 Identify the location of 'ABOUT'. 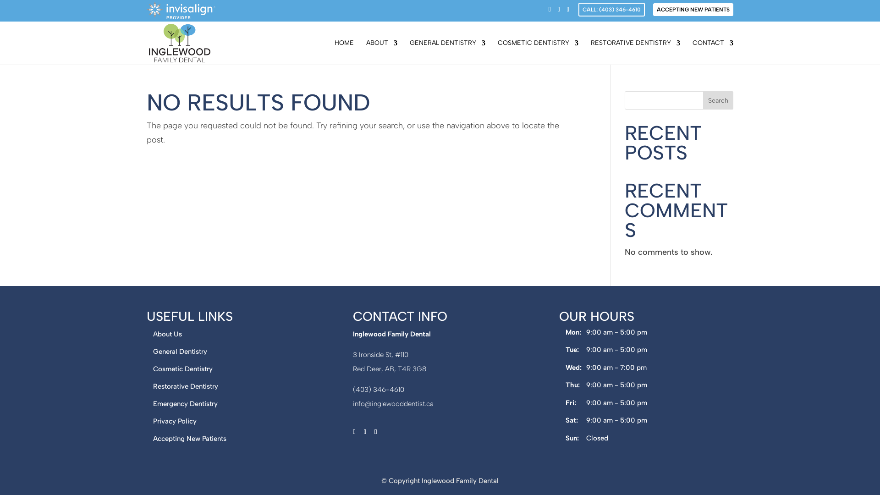
(365, 52).